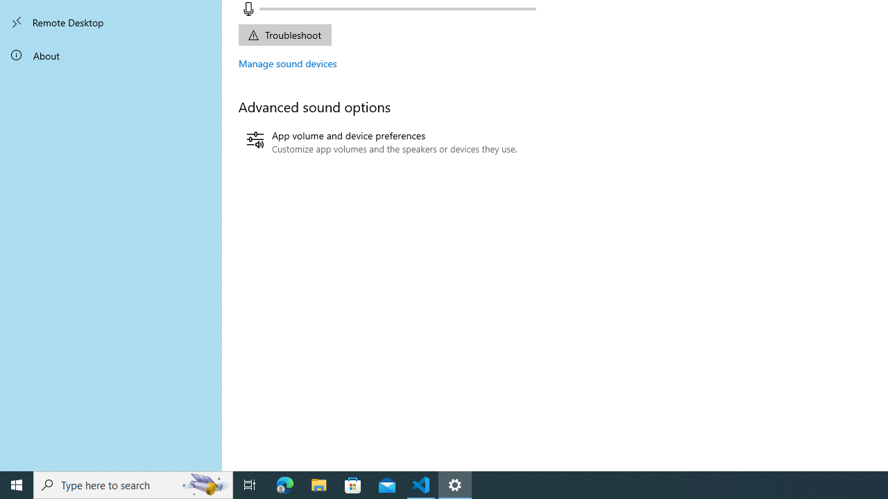  What do you see at coordinates (284, 34) in the screenshot?
I see `'Input device troubleshoot'` at bounding box center [284, 34].